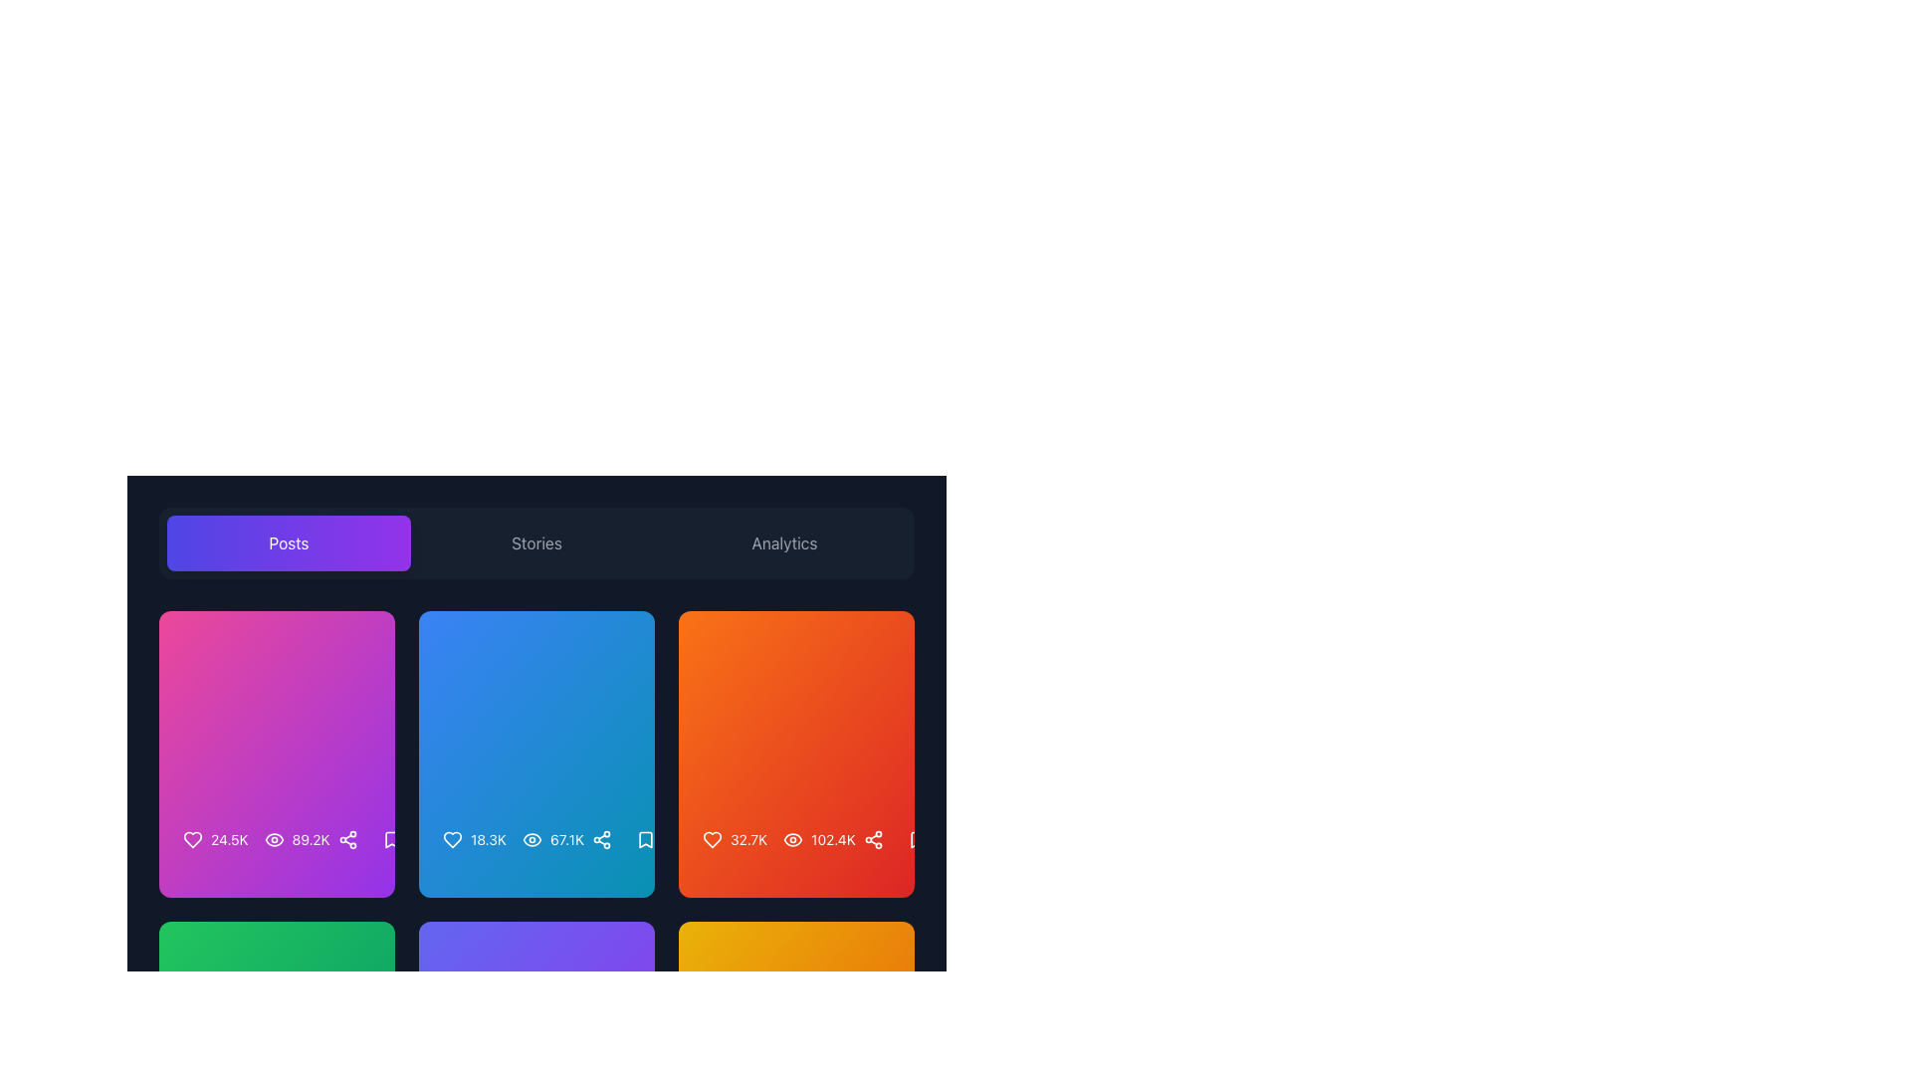 This screenshot has width=1911, height=1075. What do you see at coordinates (645, 840) in the screenshot?
I see `the bookmark SVG icon located in the bottom-right corner of the third card element from the left in the second row of the grid` at bounding box center [645, 840].